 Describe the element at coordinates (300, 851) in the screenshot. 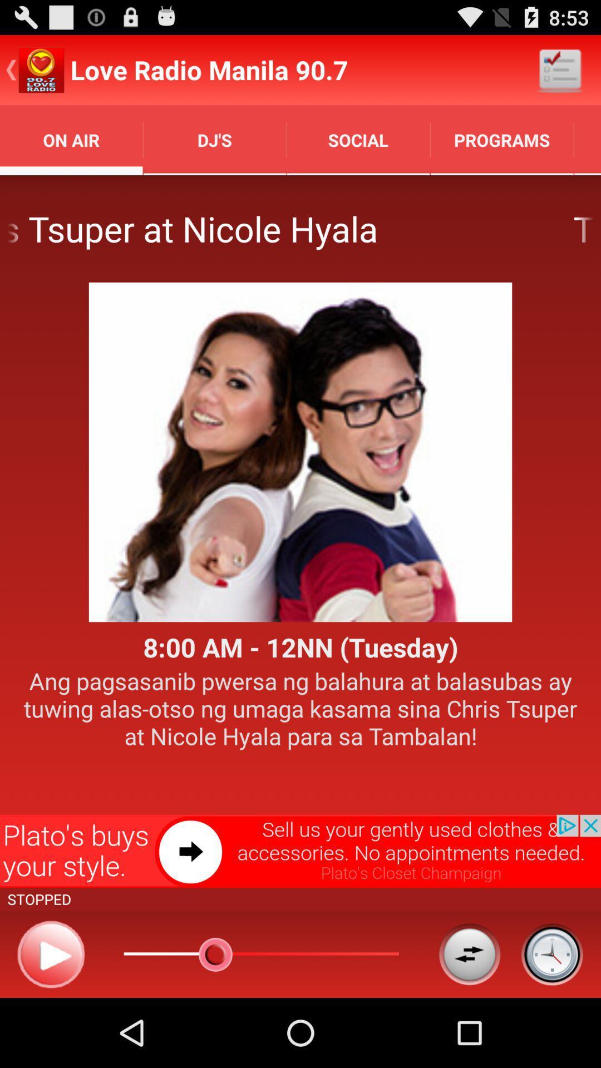

I see `open advertising` at that location.